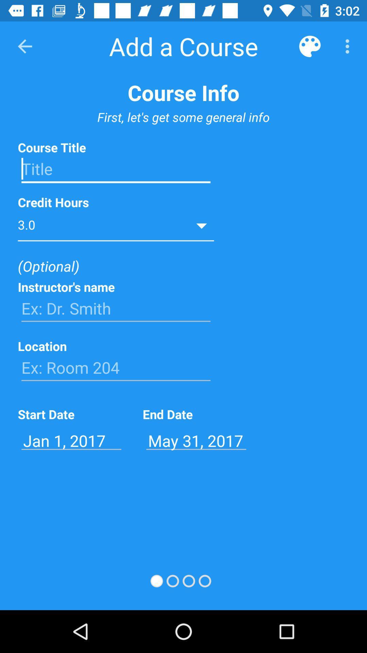 The image size is (367, 653). What do you see at coordinates (349, 46) in the screenshot?
I see `the three dots present at right side corner` at bounding box center [349, 46].